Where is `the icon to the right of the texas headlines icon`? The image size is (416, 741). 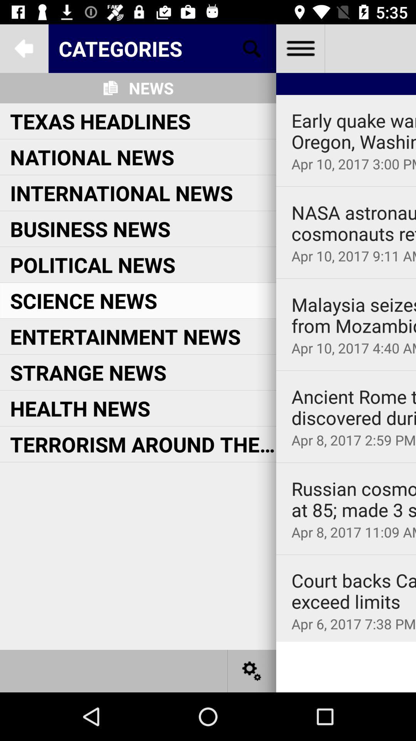 the icon to the right of the texas headlines icon is located at coordinates (354, 131).